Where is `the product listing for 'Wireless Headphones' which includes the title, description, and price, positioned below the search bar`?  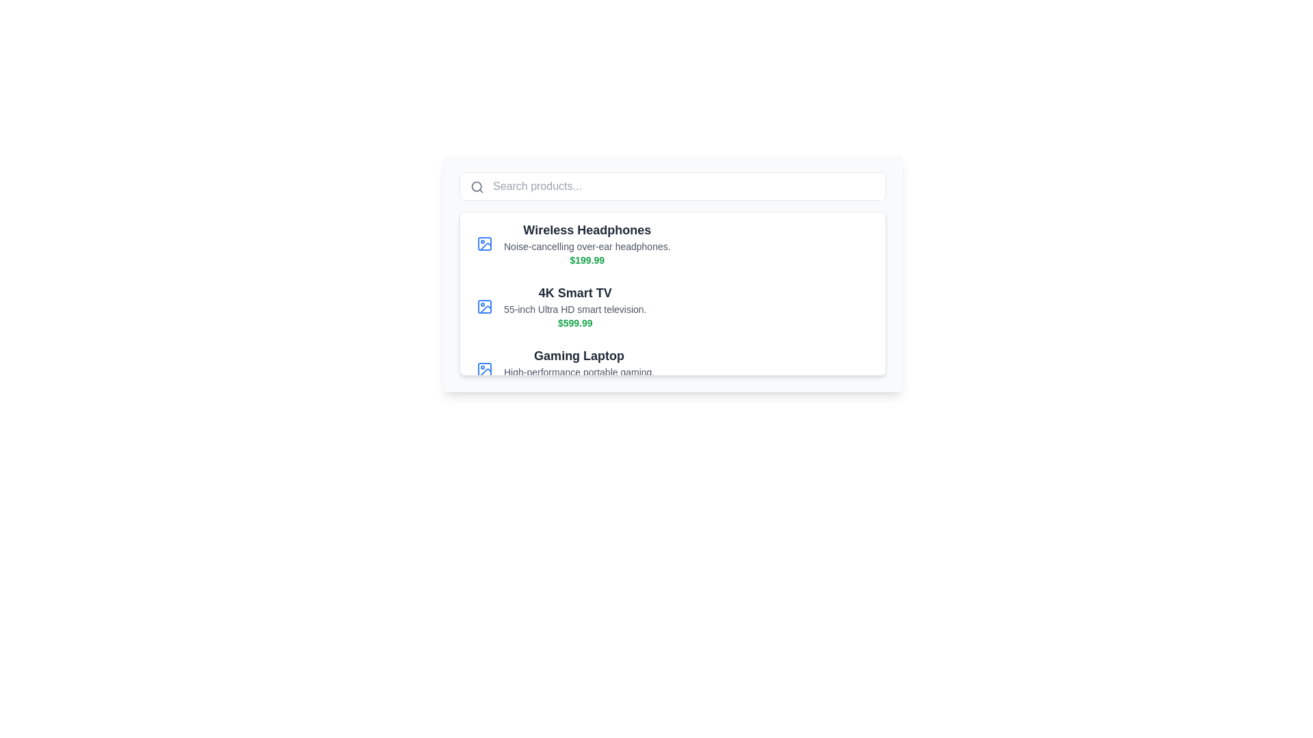
the product listing for 'Wireless Headphones' which includes the title, description, and price, positioned below the search bar is located at coordinates (587, 243).